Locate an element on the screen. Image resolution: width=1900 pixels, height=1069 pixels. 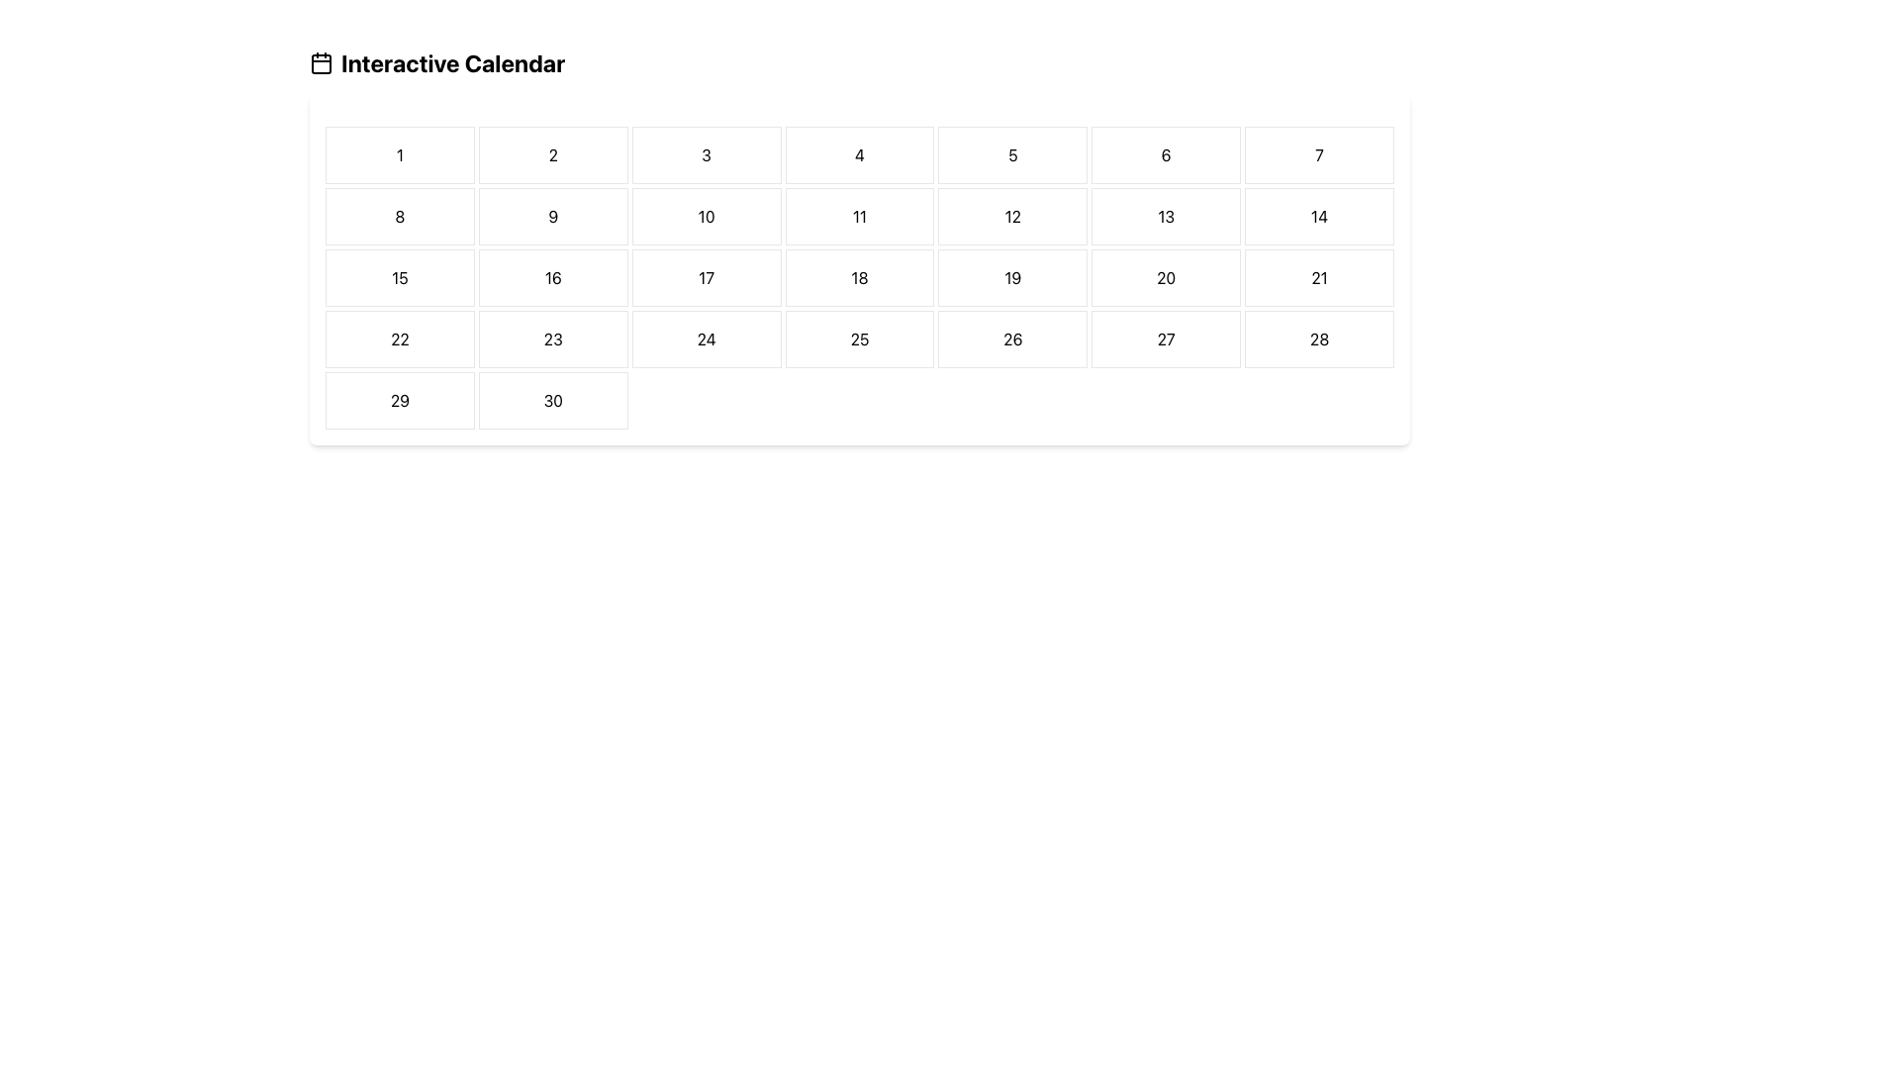
the bold black textual header displaying 'Interactive Calendar', located to the right of the calendar icon at the top-left corner of the interface is located at coordinates (452, 62).